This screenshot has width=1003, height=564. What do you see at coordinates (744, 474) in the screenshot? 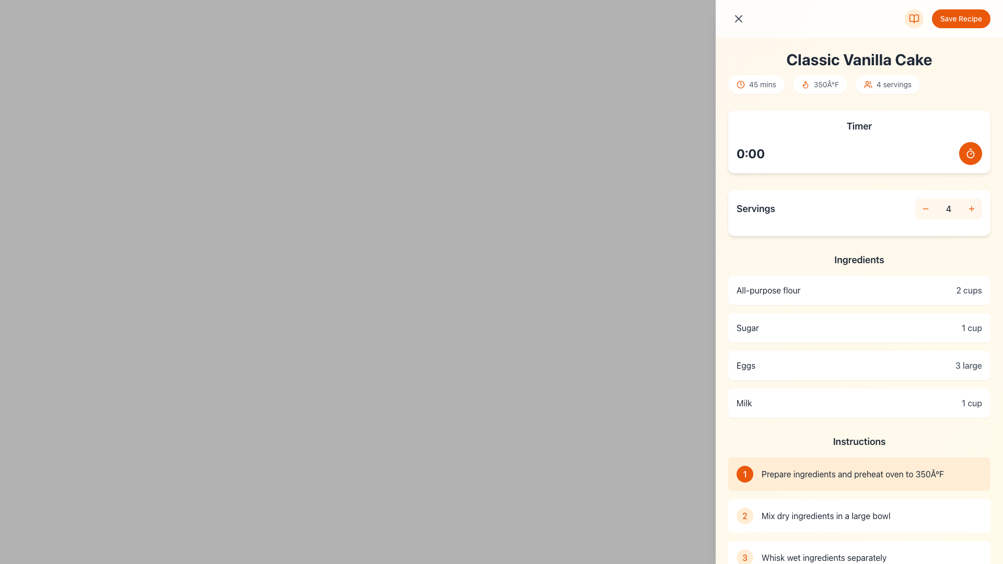
I see `the Circular step number indicator that signifies the first step in the instructions for 'Prepare ingredients and preheat oven to 350°F.'` at bounding box center [744, 474].